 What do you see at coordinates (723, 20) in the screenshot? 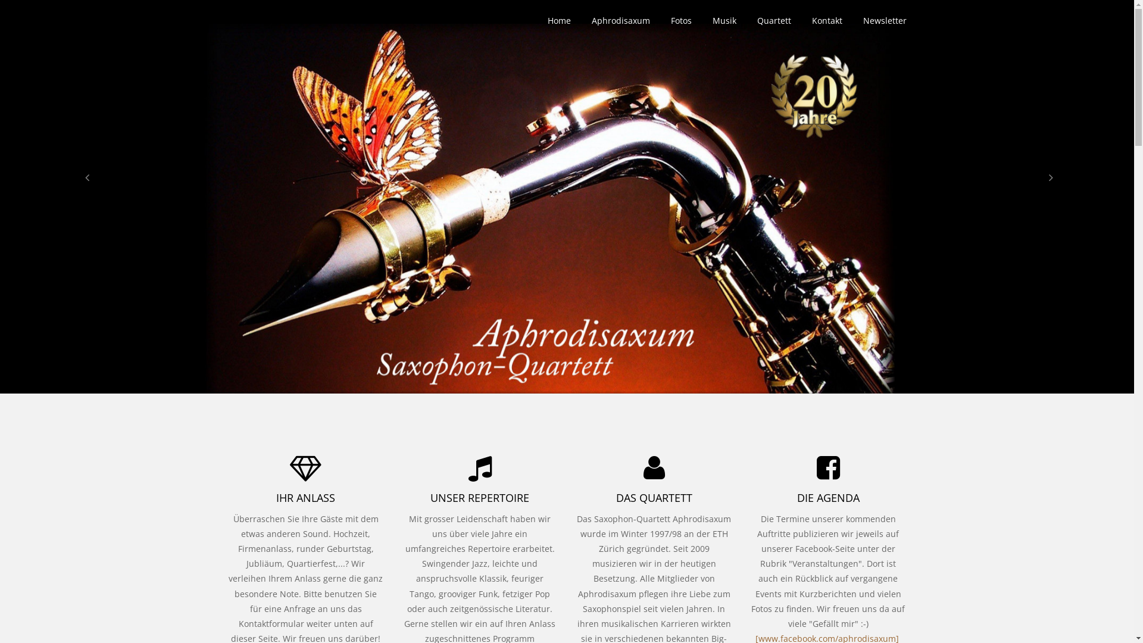
I see `'Musik'` at bounding box center [723, 20].